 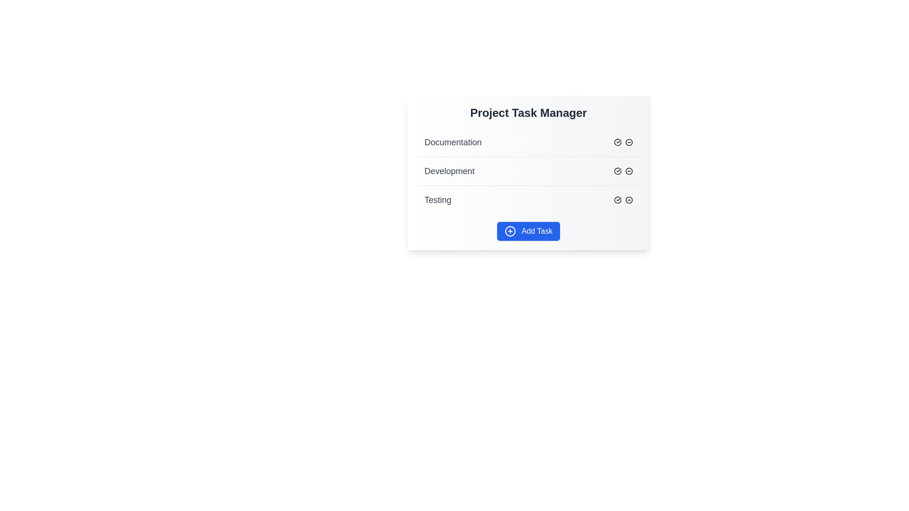 What do you see at coordinates (528, 171) in the screenshot?
I see `the list item indicating the task title 'Development' with status 'In Progress' in the 'Project Task Manager' section` at bounding box center [528, 171].